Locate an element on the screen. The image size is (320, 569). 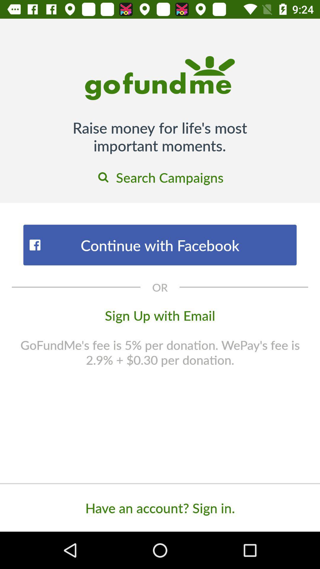
the icon above the gofundme s fee is located at coordinates (160, 315).